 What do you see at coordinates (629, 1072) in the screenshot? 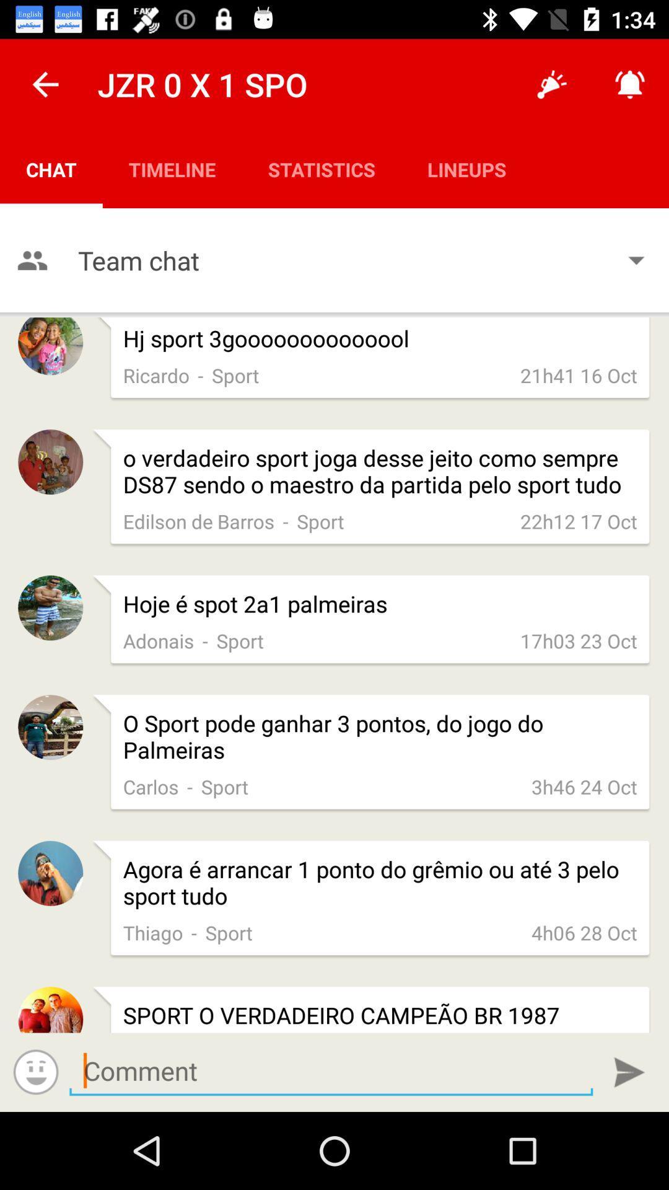
I see `post comment` at bounding box center [629, 1072].